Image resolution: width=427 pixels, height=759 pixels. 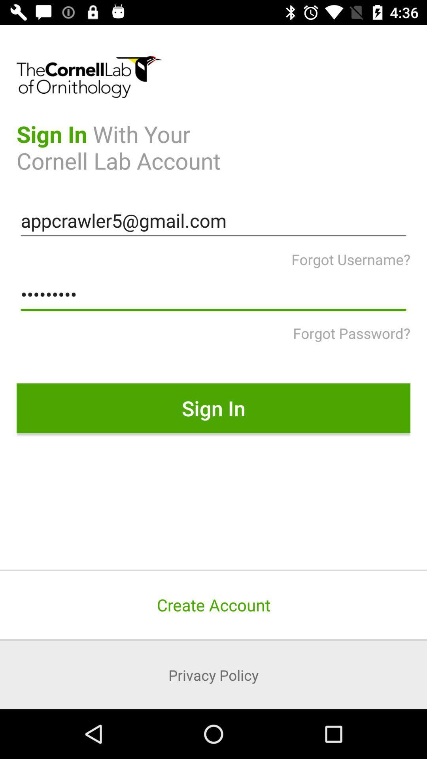 What do you see at coordinates (213, 674) in the screenshot?
I see `the privacy policy icon` at bounding box center [213, 674].